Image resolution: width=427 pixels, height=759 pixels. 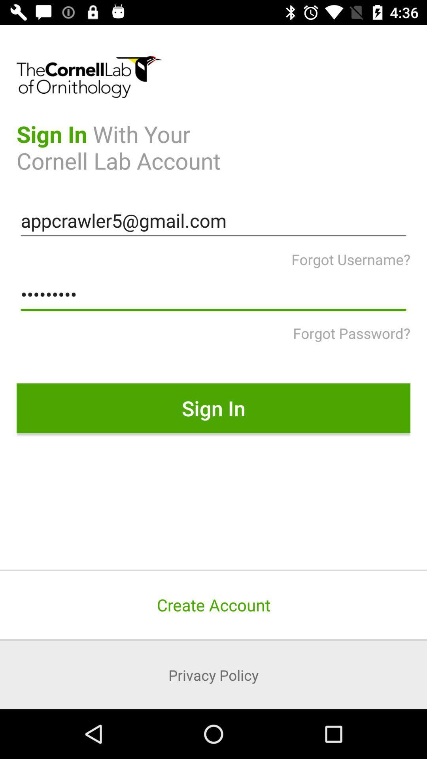 What do you see at coordinates (213, 674) in the screenshot?
I see `the privacy policy icon` at bounding box center [213, 674].